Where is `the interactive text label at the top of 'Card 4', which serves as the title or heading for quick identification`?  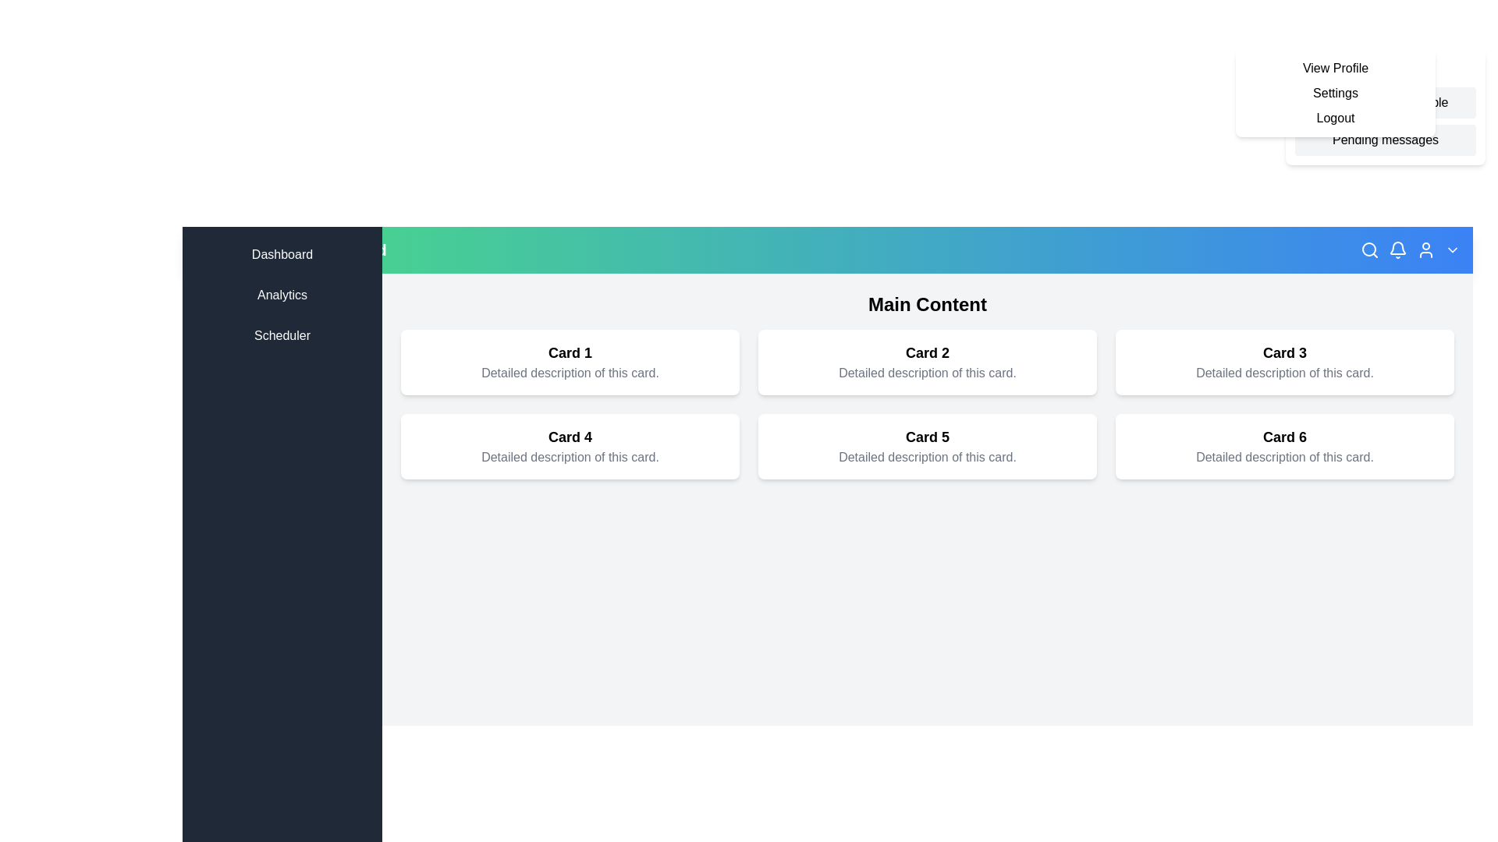 the interactive text label at the top of 'Card 4', which serves as the title or heading for quick identification is located at coordinates (569, 437).